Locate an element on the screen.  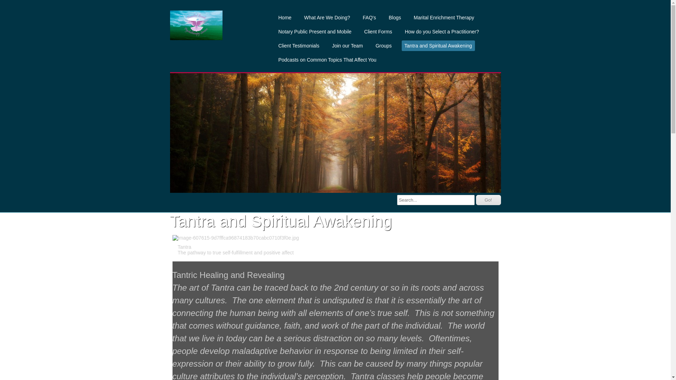
'What Are We Doing?' is located at coordinates (327, 17).